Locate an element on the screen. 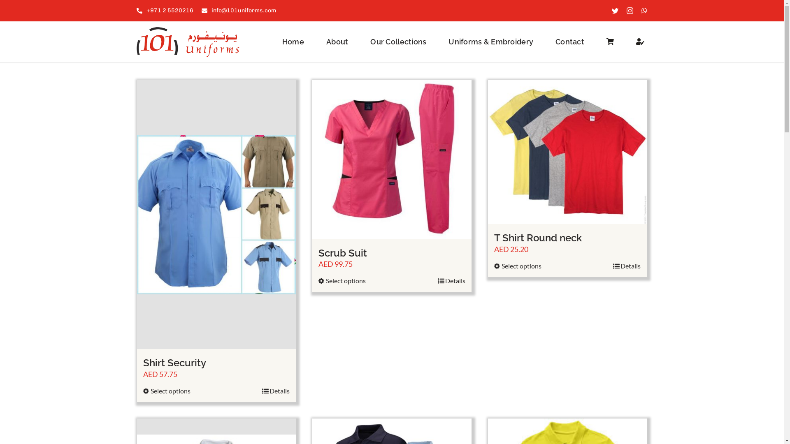 This screenshot has width=790, height=444. 'info@101uniforms.com' is located at coordinates (201, 11).